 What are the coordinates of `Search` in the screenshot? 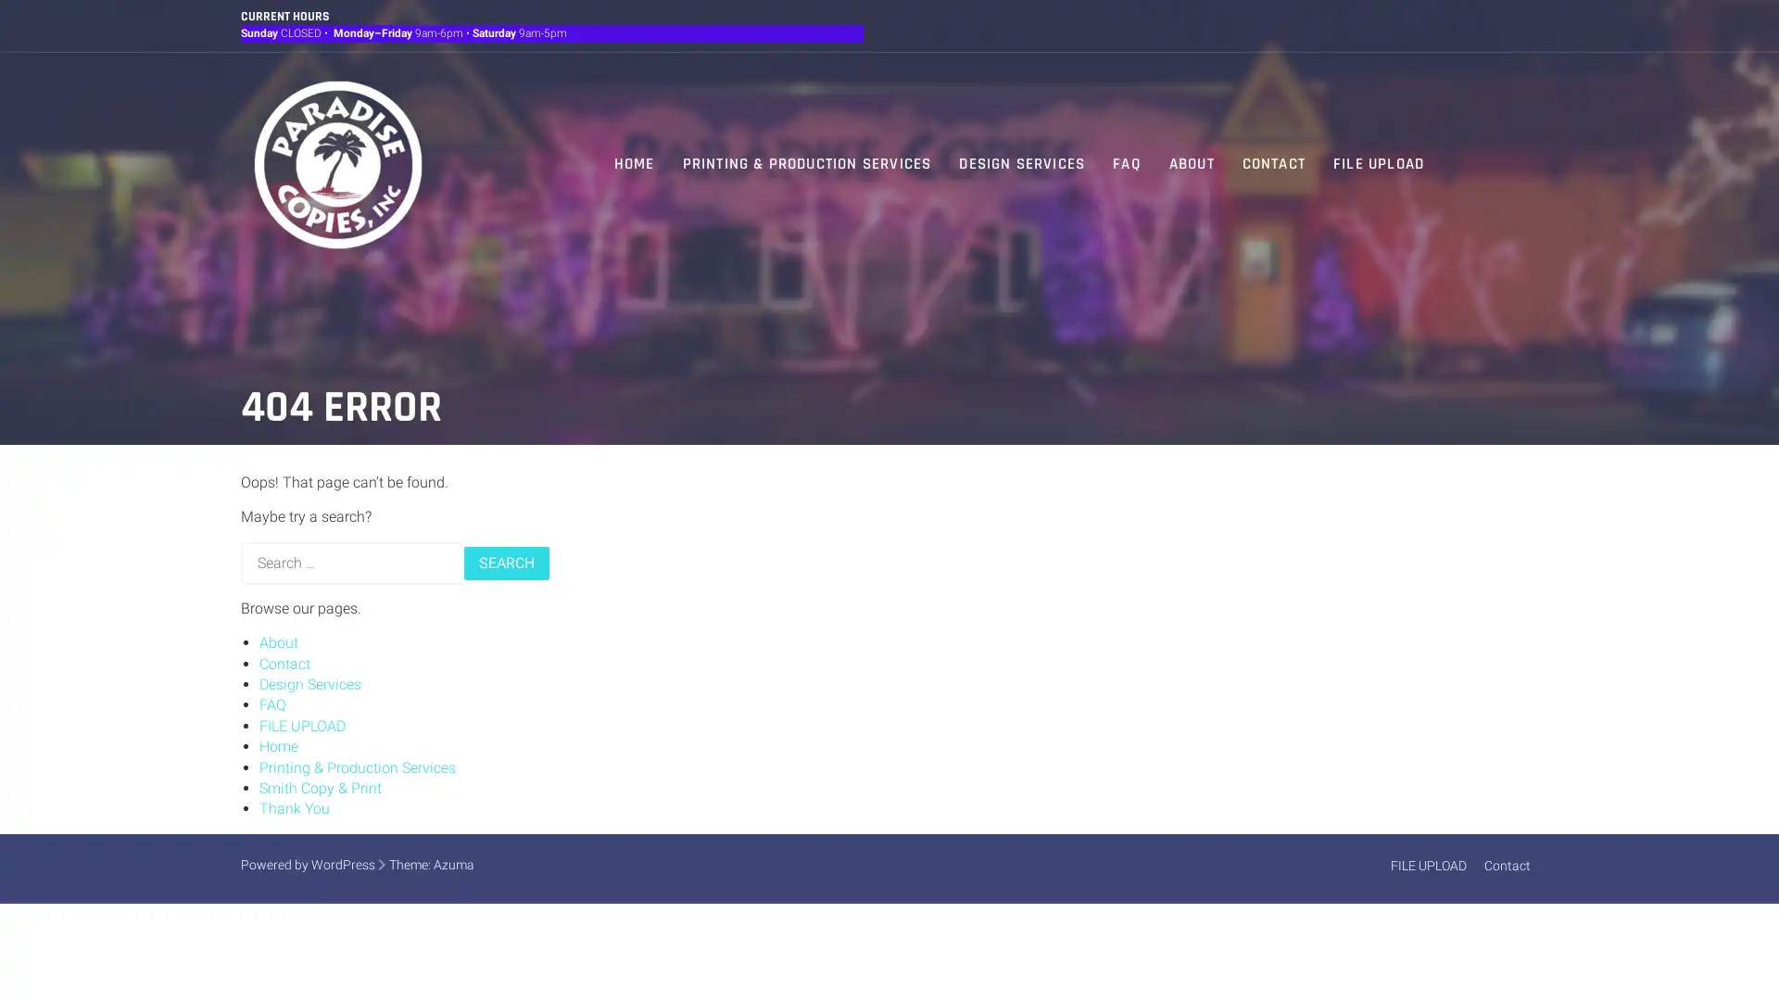 It's located at (507, 561).